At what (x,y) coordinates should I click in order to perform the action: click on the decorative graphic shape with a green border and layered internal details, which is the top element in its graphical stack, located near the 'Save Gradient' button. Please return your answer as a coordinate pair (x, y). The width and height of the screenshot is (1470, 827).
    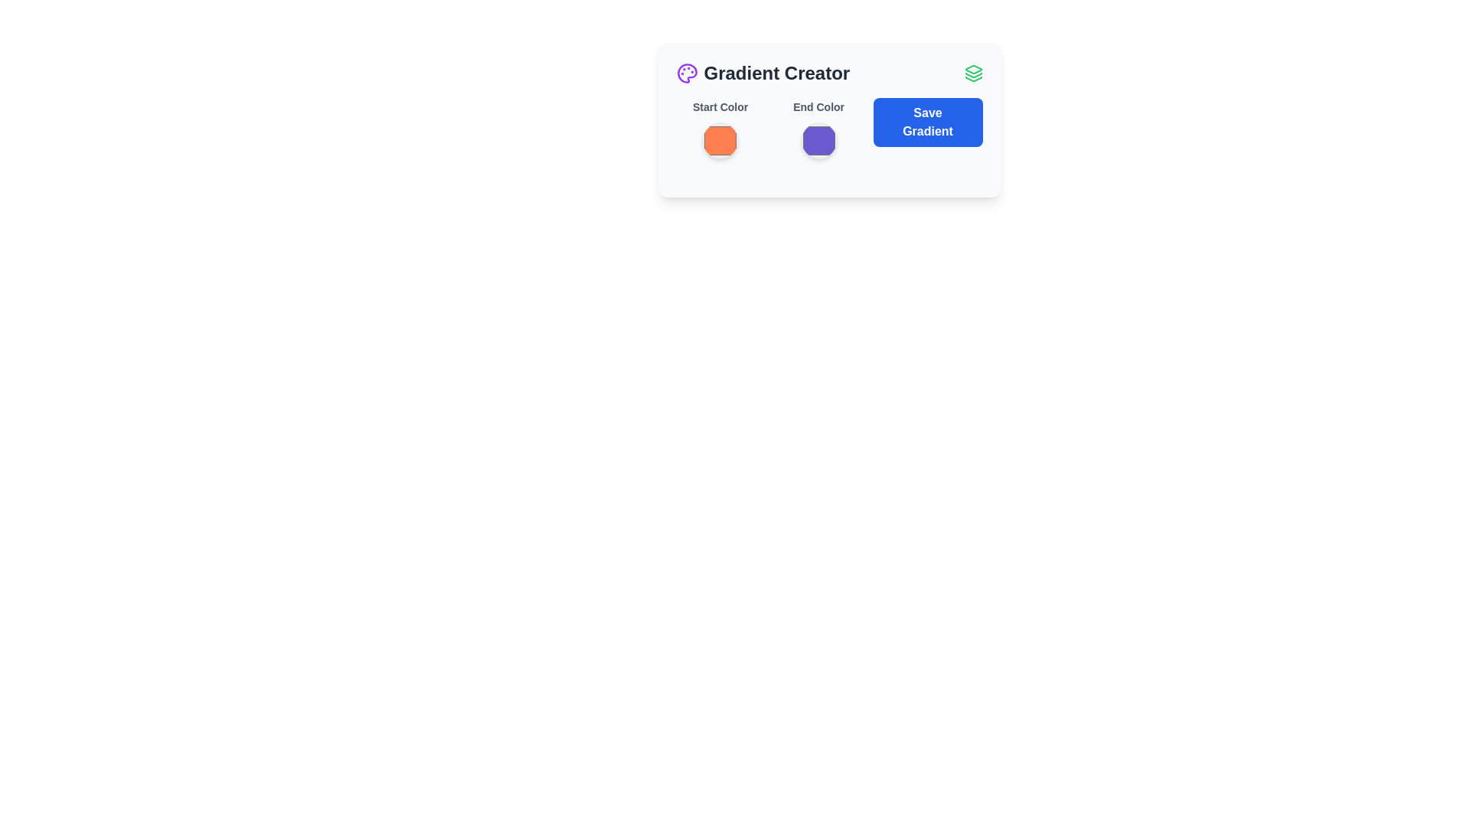
    Looking at the image, I should click on (972, 70).